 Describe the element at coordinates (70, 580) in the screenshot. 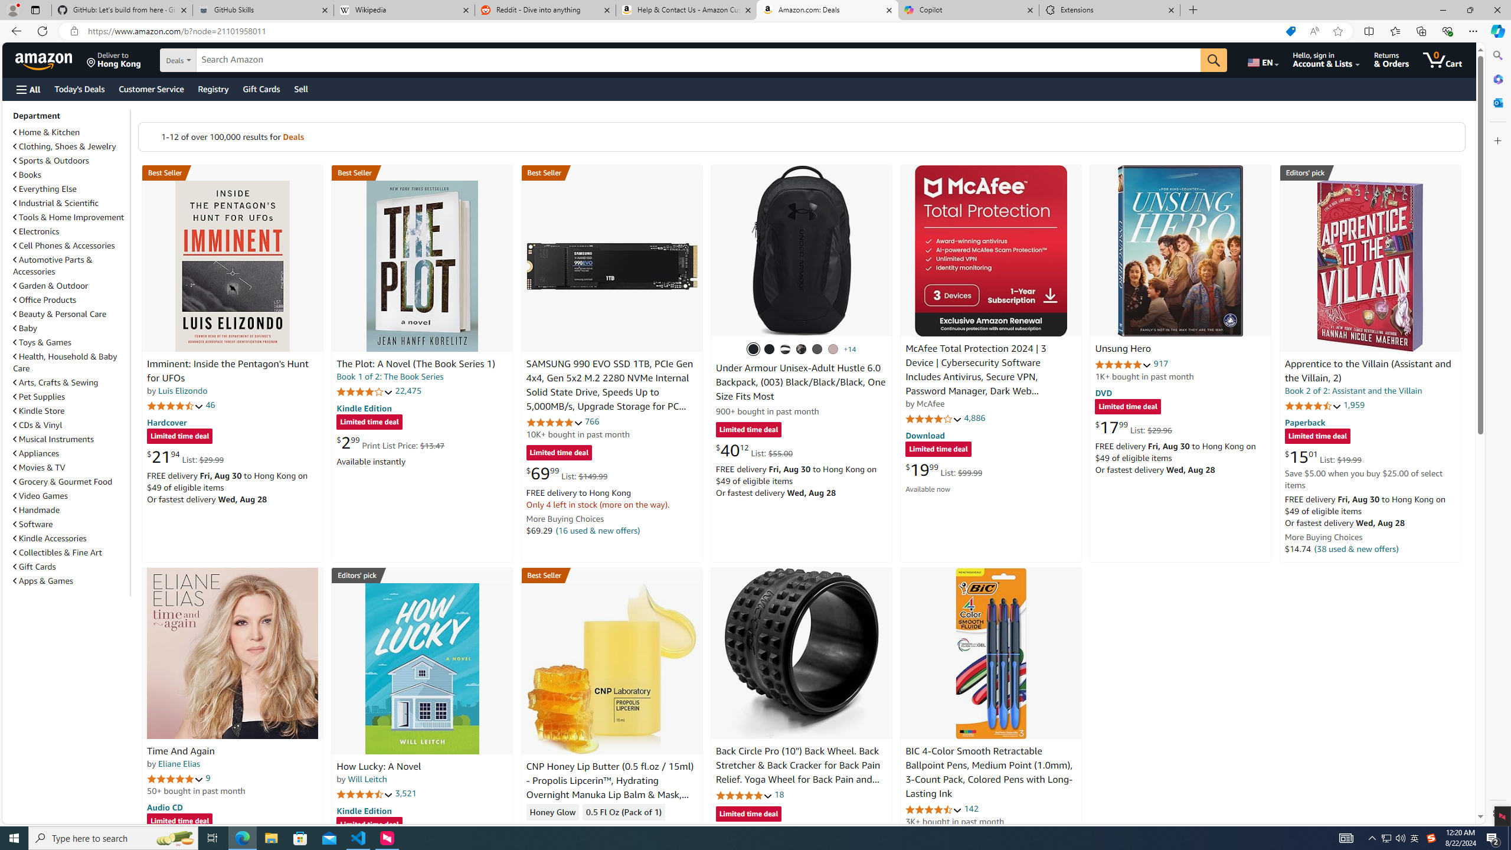

I see `'Apps & Games'` at that location.